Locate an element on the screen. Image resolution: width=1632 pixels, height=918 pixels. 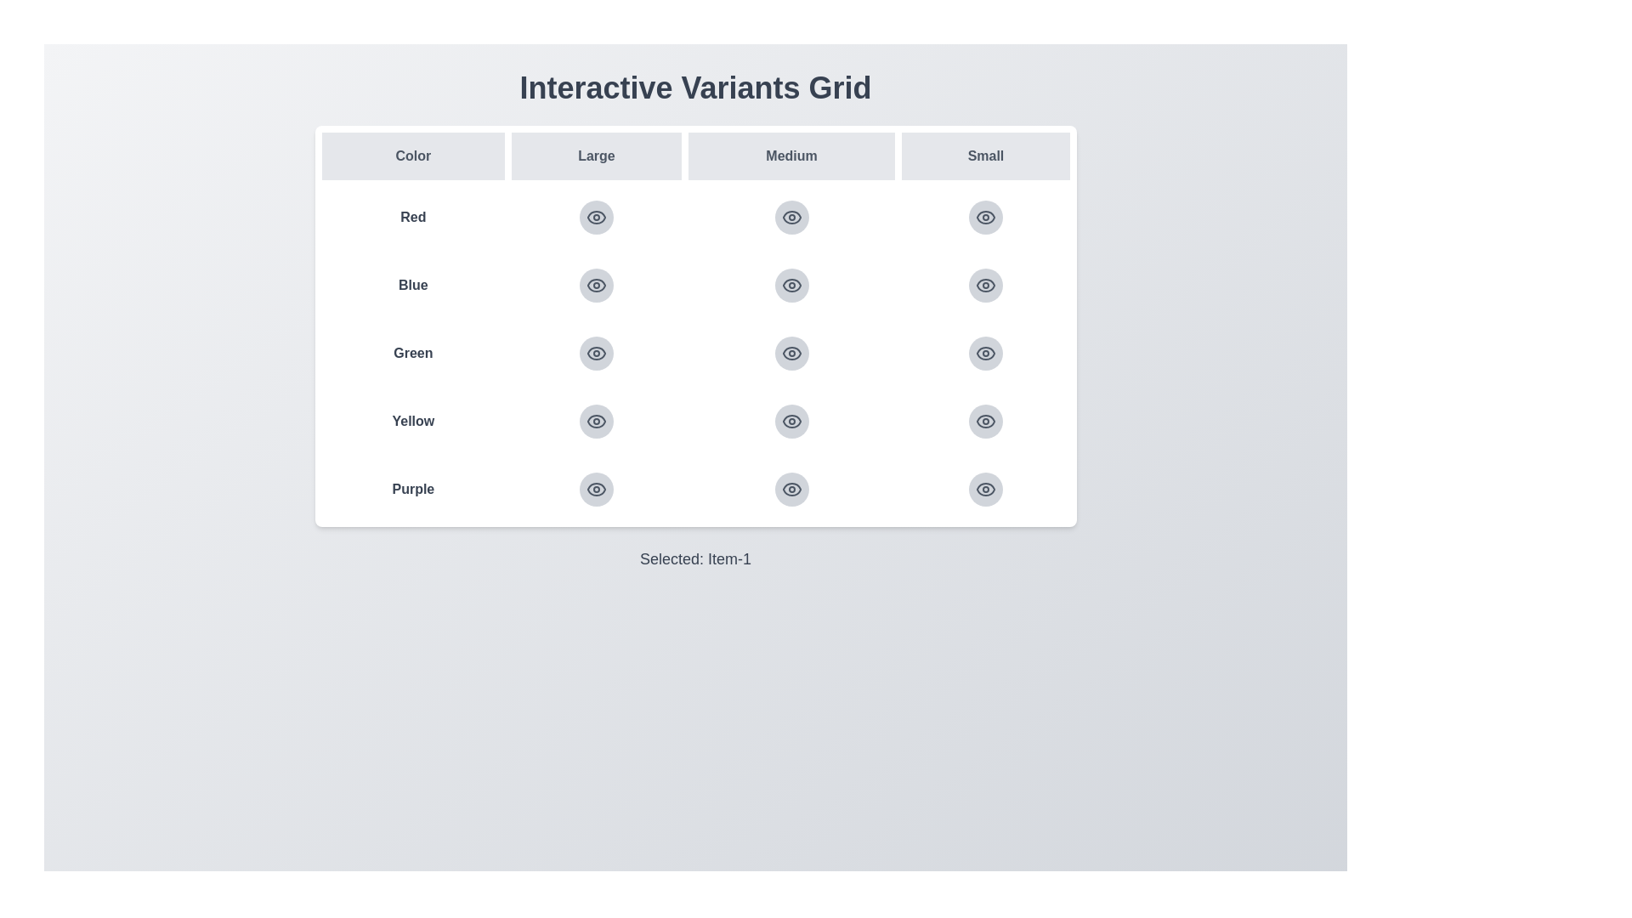
the last TableRow labeled 'Purple' in the options category, which is positioned beneath the rows for 'Red,' 'Blue,' 'Green,' and 'Yellow.' is located at coordinates (695, 489).